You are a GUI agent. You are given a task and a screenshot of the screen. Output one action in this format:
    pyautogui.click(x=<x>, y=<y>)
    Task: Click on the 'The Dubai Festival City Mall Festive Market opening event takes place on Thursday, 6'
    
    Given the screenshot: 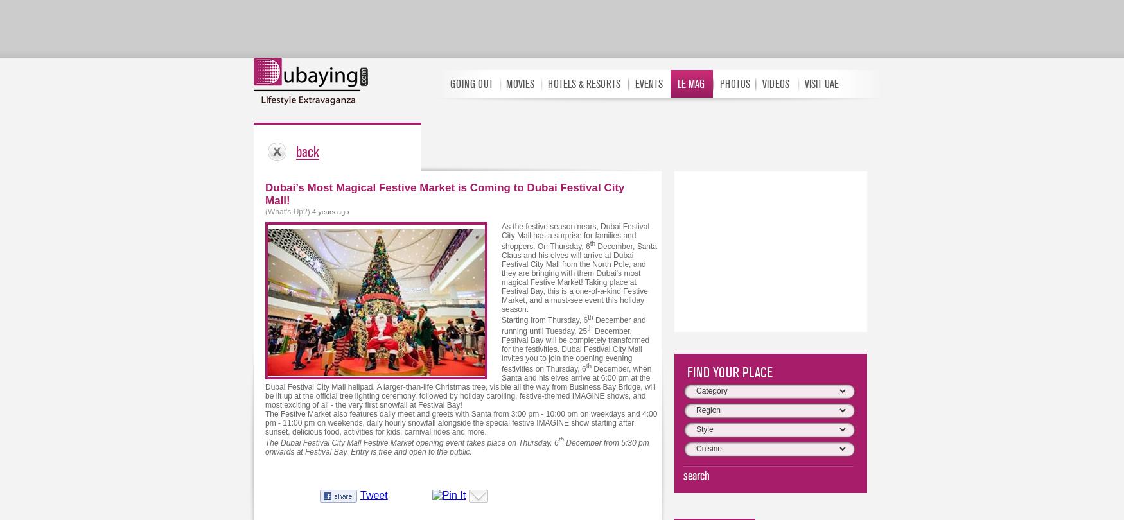 What is the action you would take?
    pyautogui.click(x=411, y=442)
    